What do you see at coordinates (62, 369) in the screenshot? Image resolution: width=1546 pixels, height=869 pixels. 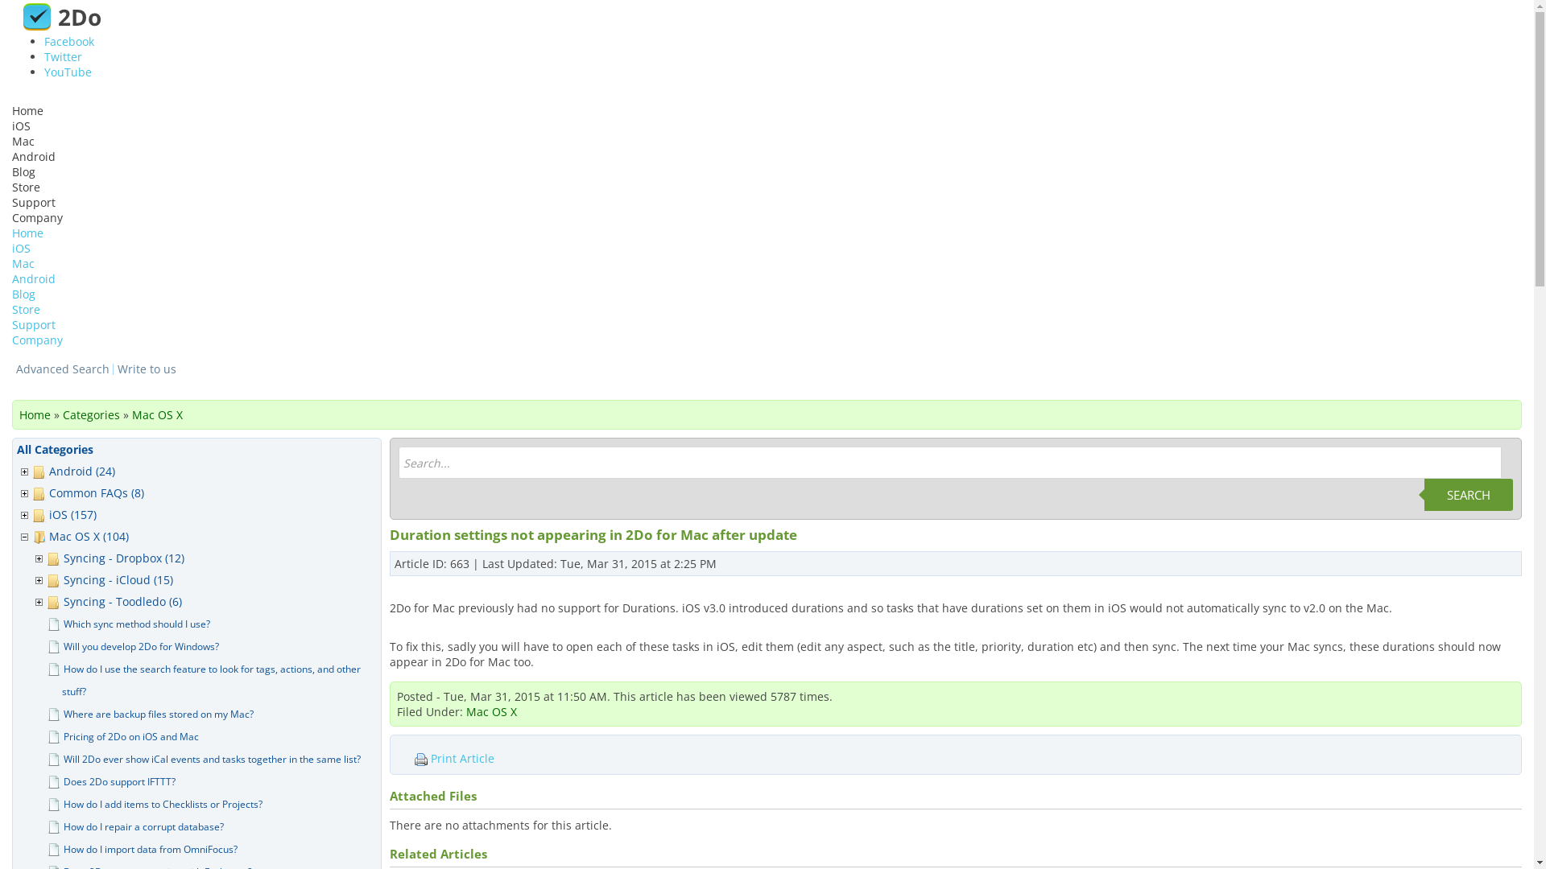 I see `'Advanced Search'` at bounding box center [62, 369].